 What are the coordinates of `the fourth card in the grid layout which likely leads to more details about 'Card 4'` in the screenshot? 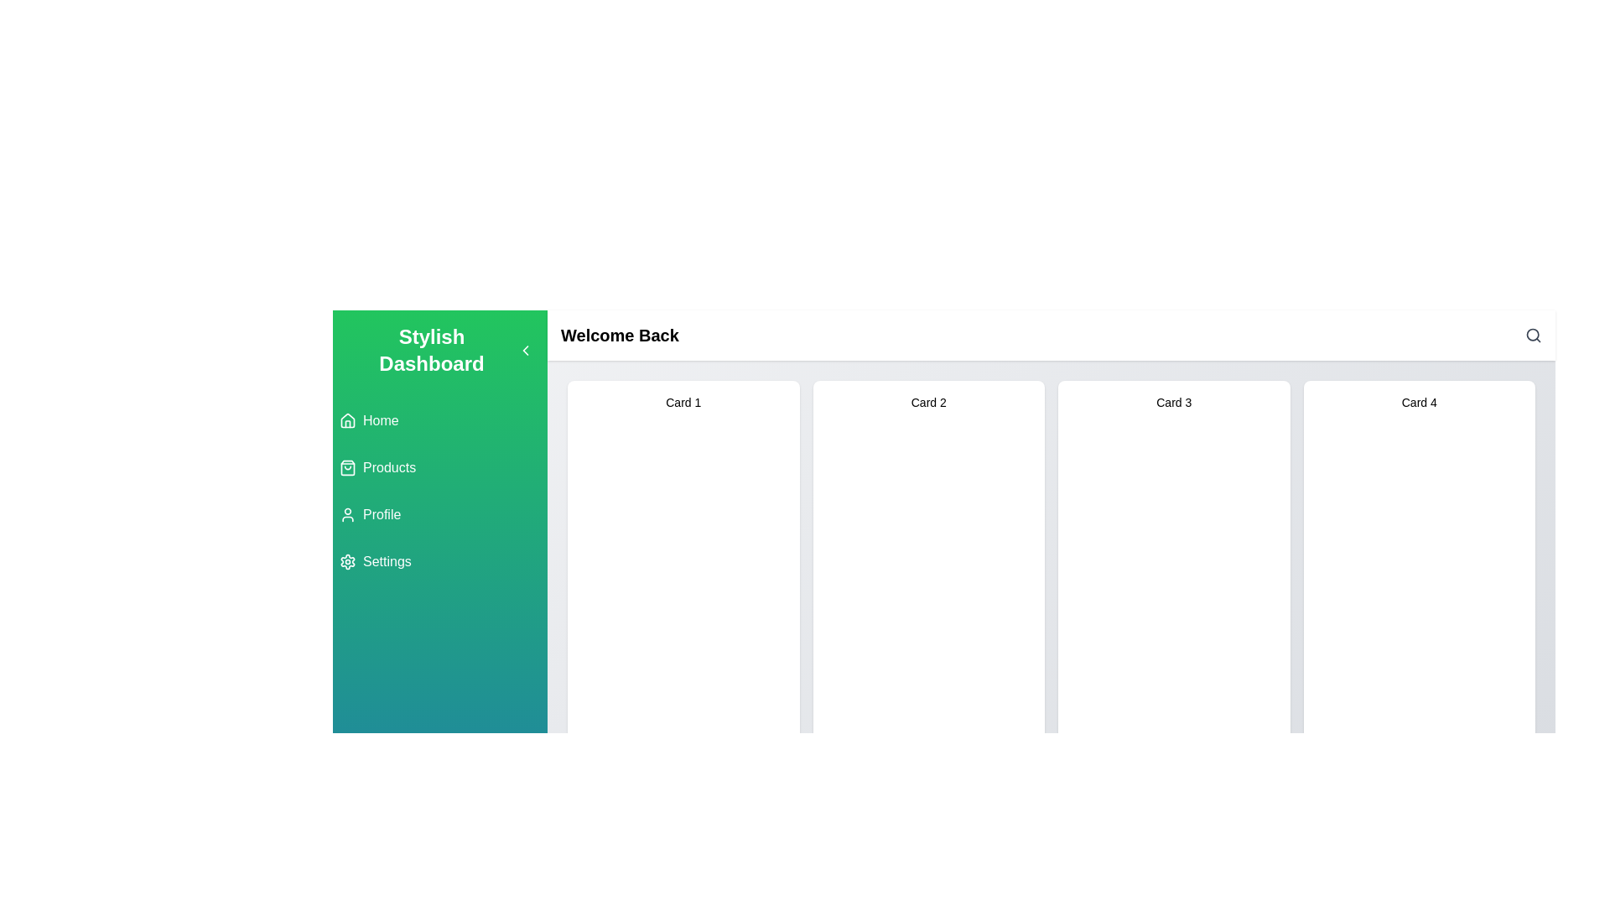 It's located at (1418, 581).